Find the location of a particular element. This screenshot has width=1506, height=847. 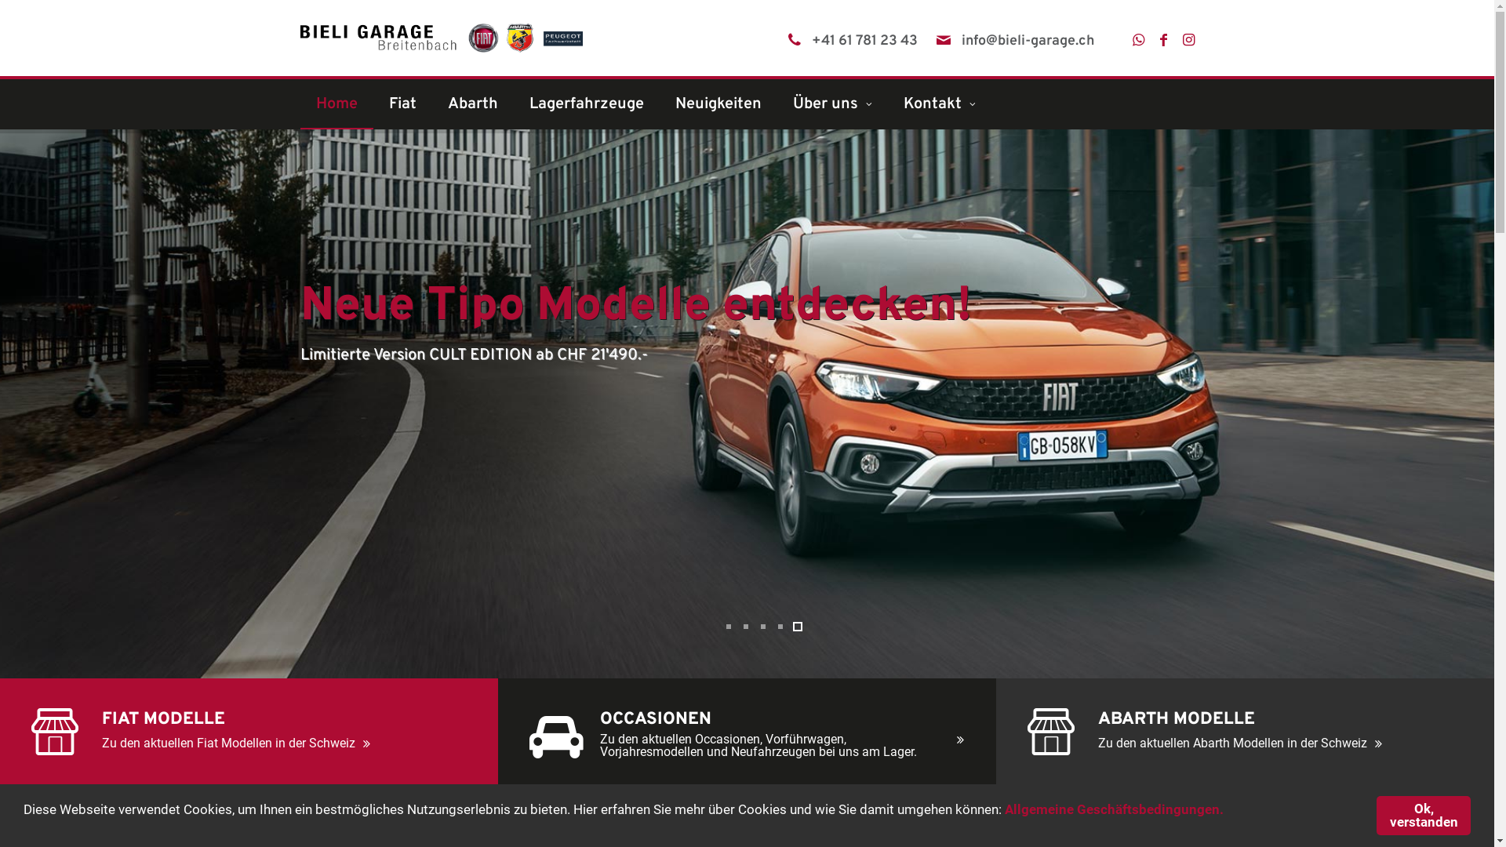

'Ok, verstanden' is located at coordinates (1423, 815).